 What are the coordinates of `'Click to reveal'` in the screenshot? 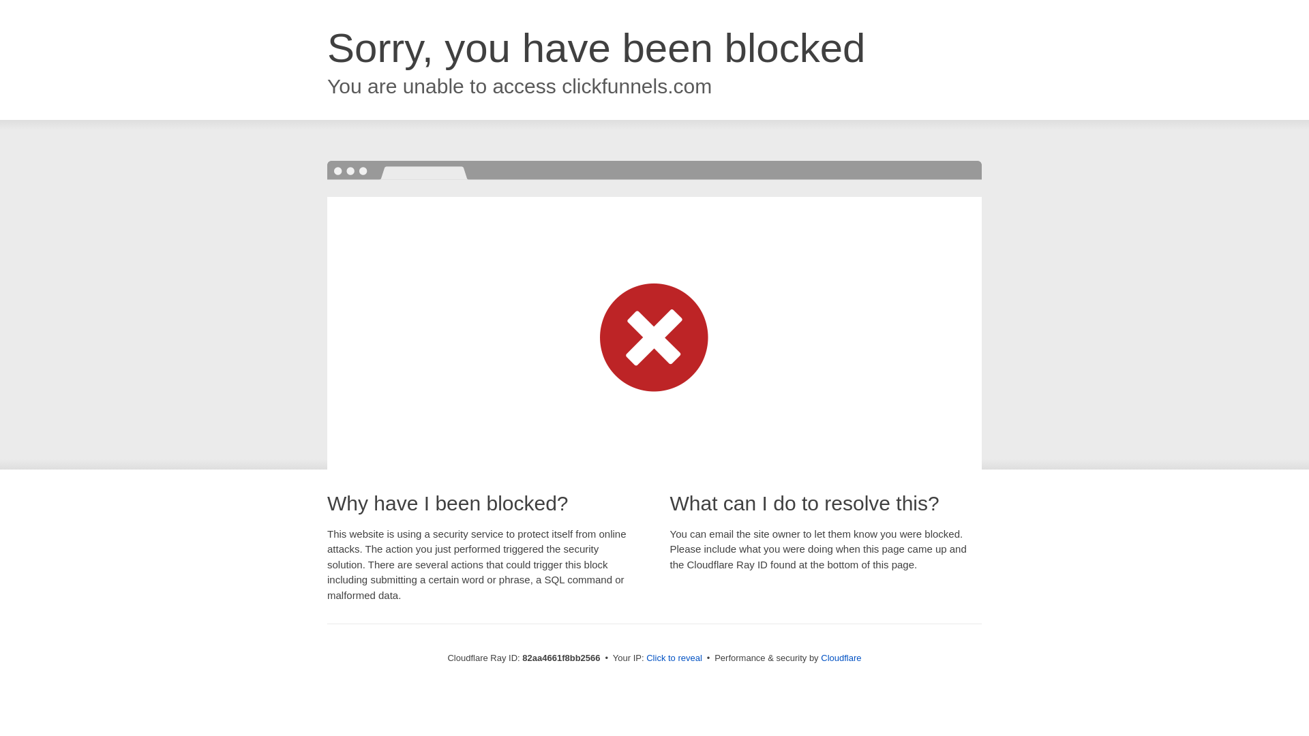 It's located at (674, 657).